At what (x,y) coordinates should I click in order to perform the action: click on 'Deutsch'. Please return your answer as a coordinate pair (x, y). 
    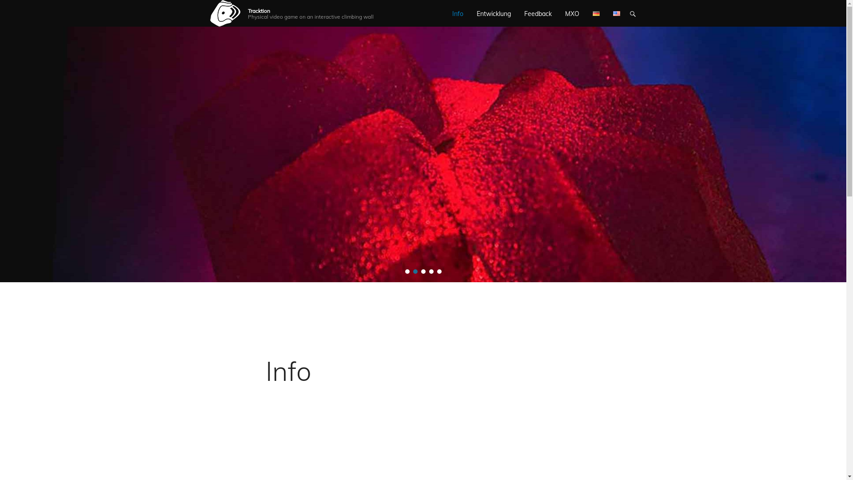
    Looking at the image, I should click on (596, 13).